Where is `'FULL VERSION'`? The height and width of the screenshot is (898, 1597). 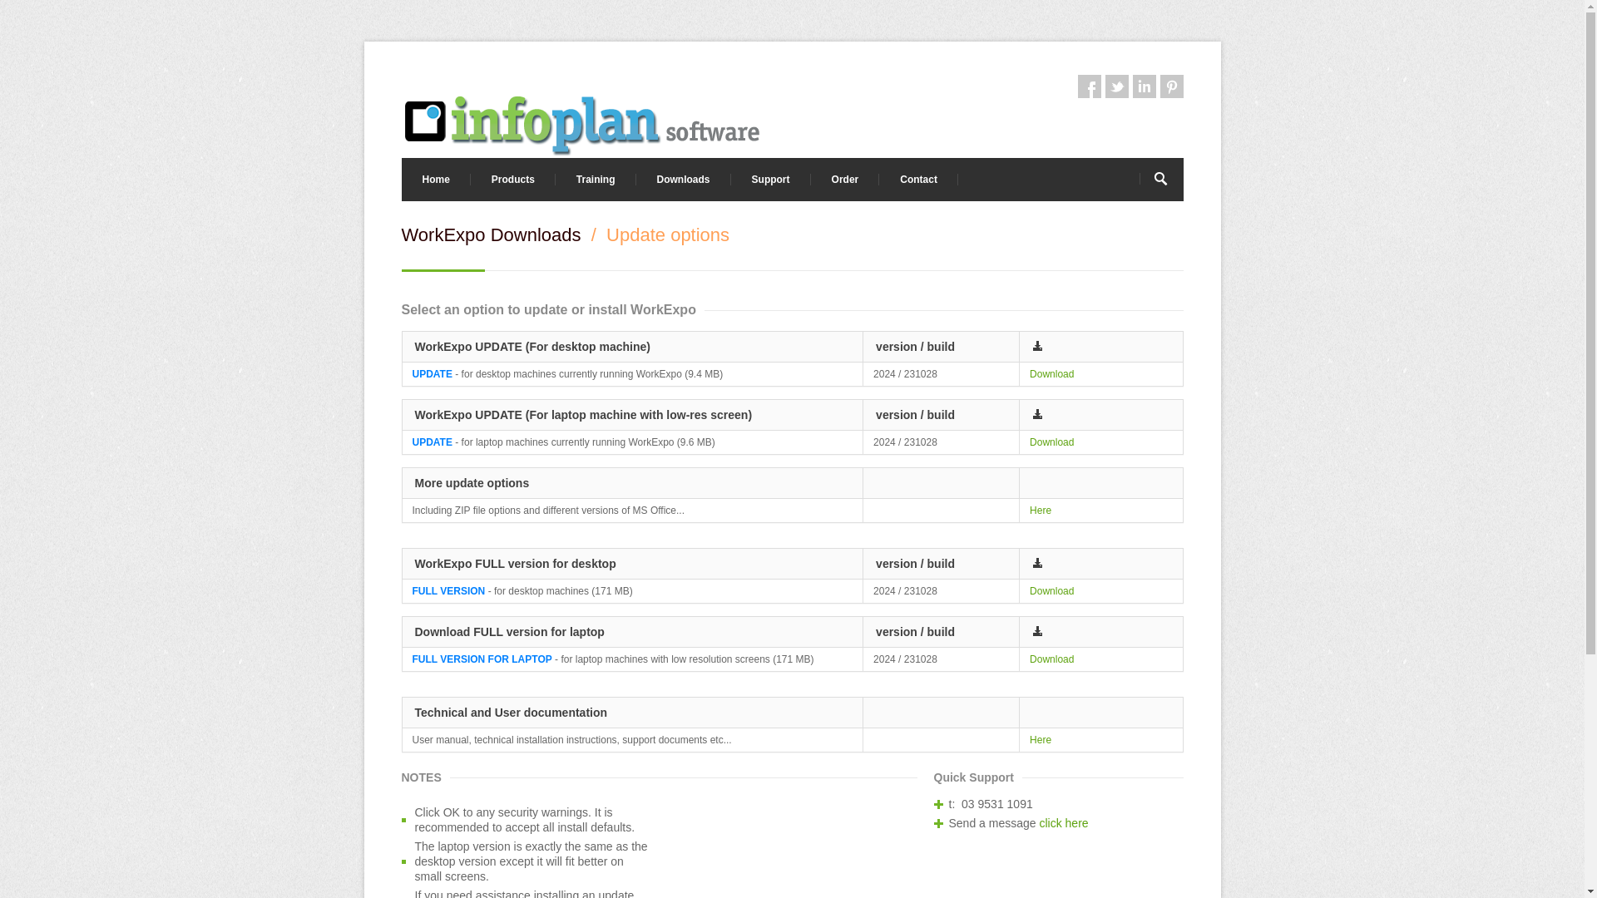 'FULL VERSION' is located at coordinates (448, 590).